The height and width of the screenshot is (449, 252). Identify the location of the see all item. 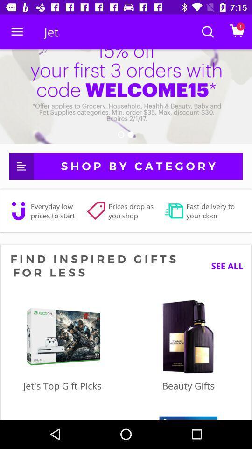
(223, 266).